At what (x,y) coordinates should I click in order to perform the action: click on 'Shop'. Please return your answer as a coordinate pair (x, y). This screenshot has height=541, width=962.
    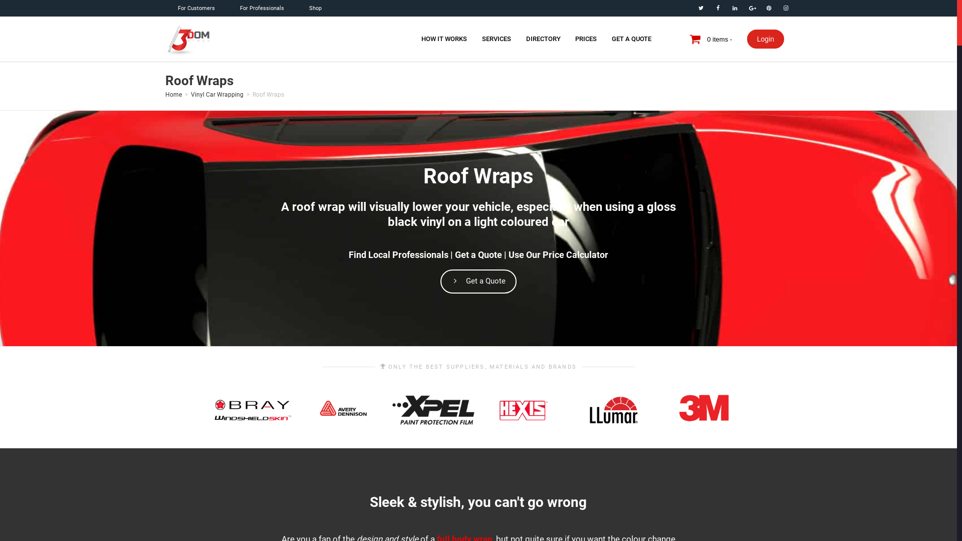
    Looking at the image, I should click on (296, 8).